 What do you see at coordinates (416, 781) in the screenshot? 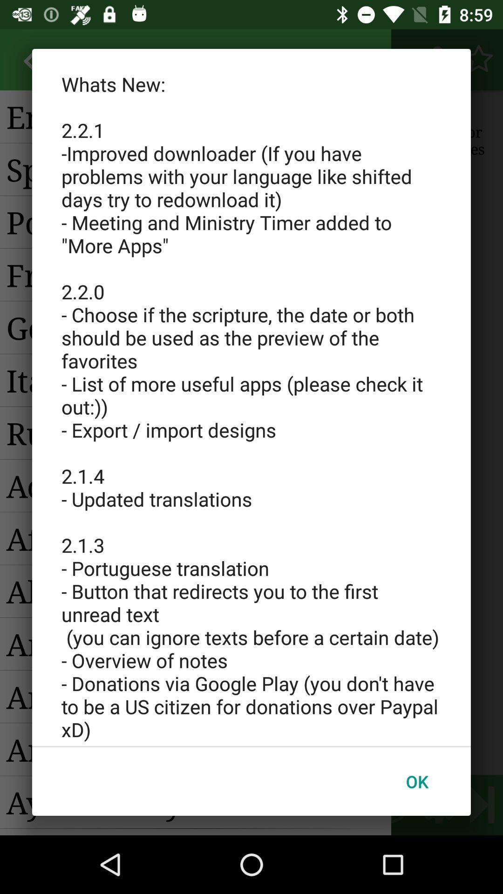
I see `ok item` at bounding box center [416, 781].